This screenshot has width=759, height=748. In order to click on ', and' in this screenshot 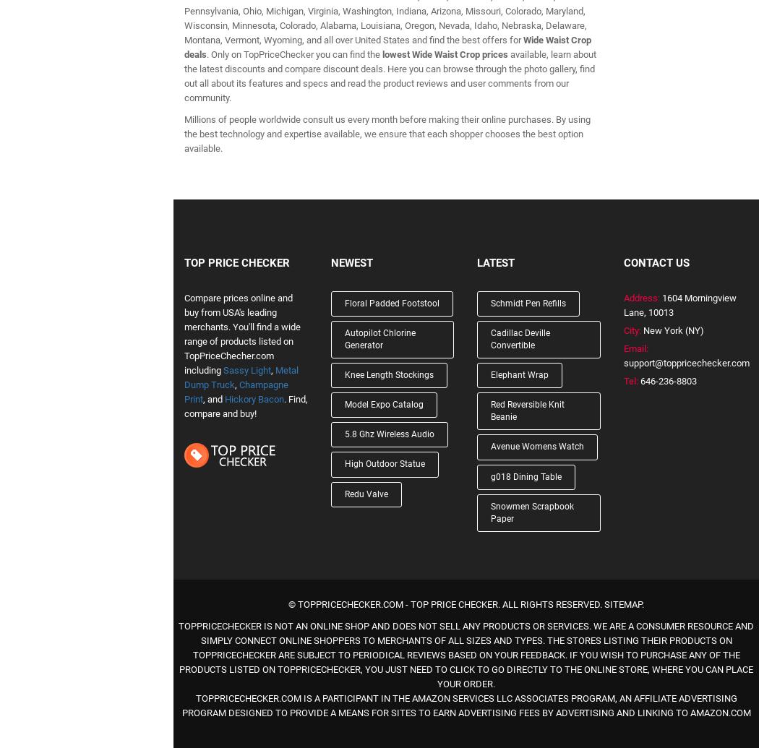, I will do `click(213, 397)`.